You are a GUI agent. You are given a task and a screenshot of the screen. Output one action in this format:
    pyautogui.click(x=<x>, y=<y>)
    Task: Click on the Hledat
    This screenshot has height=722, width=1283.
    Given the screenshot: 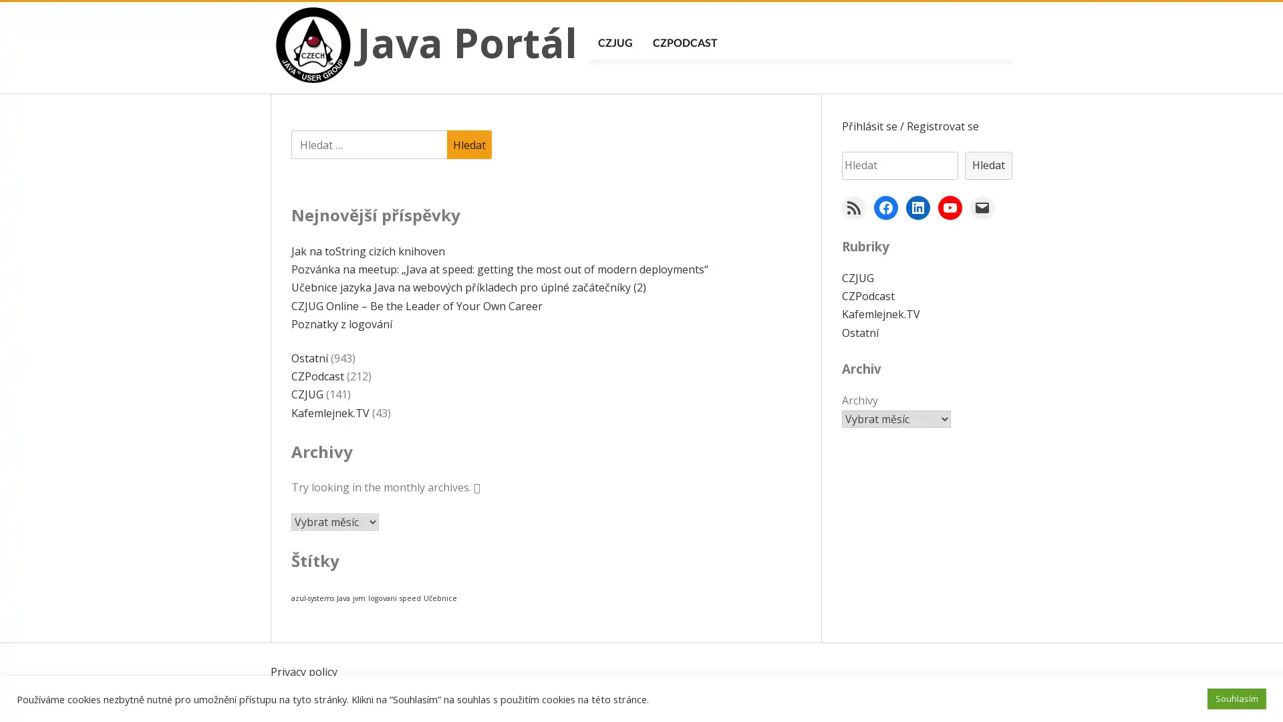 What is the action you would take?
    pyautogui.click(x=988, y=164)
    